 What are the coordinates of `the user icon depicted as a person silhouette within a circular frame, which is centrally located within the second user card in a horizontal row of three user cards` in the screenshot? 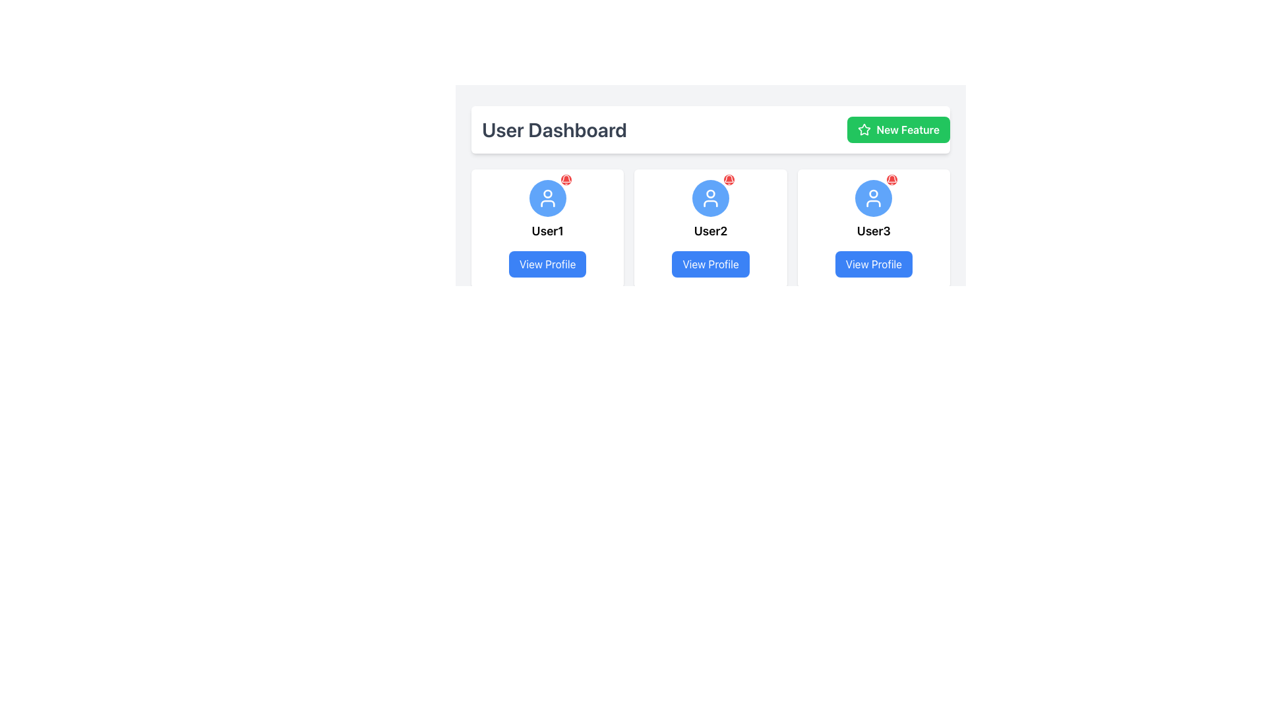 It's located at (547, 198).